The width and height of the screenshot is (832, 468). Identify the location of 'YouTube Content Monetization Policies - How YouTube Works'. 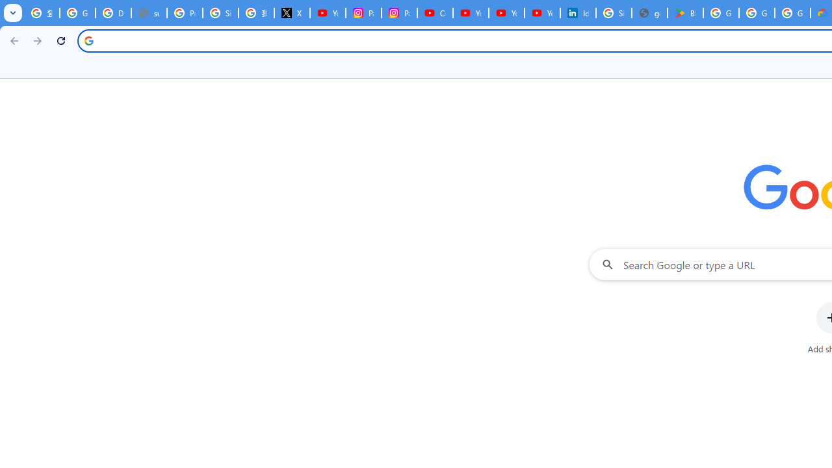
(328, 13).